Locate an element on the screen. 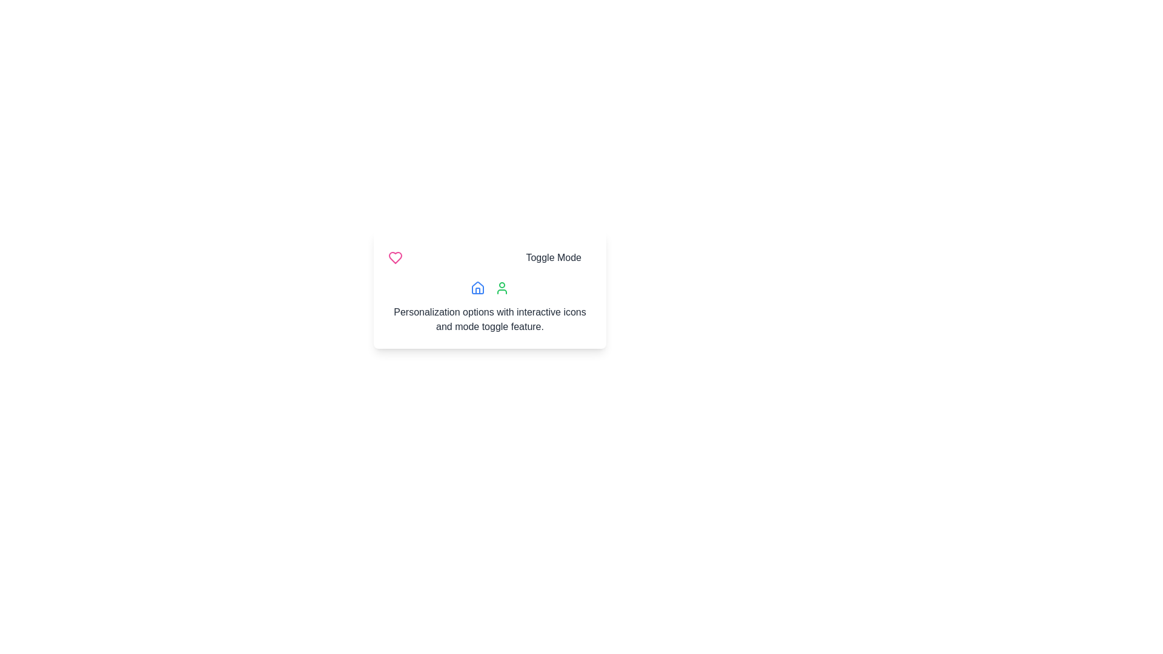 This screenshot has height=654, width=1163. the heart-shaped SVG icon outlined in pink, which resembles a favorite or like icon, located to the left of the 'Toggle Mode' text is located at coordinates (395, 257).